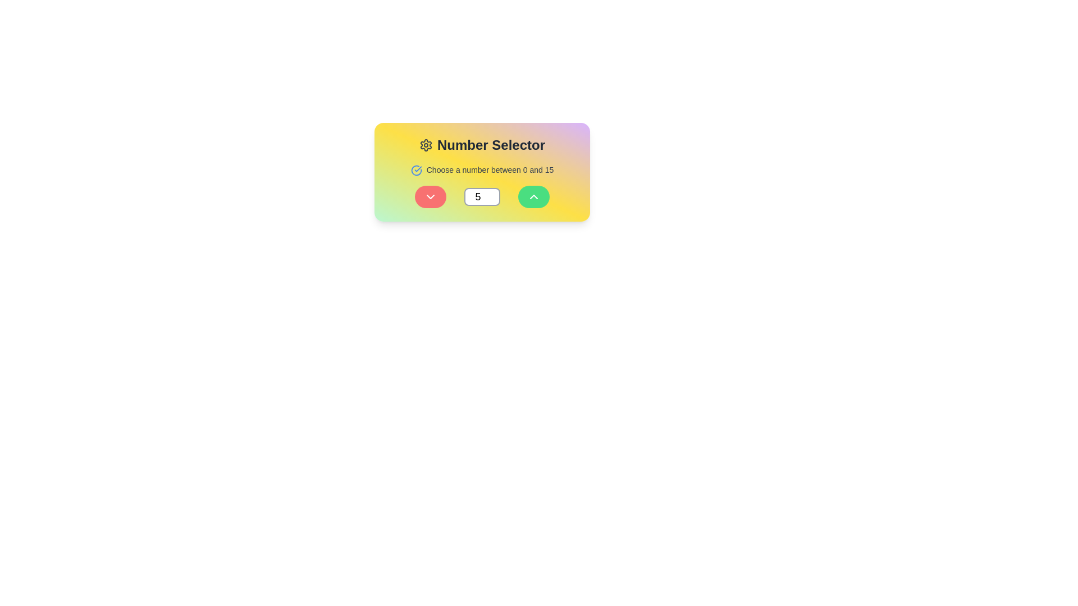 The image size is (1078, 606). Describe the element at coordinates (430, 196) in the screenshot. I see `the first button in the horizontal arrangement of controls that decreases the numerical value displayed in the adjacent input box` at that location.